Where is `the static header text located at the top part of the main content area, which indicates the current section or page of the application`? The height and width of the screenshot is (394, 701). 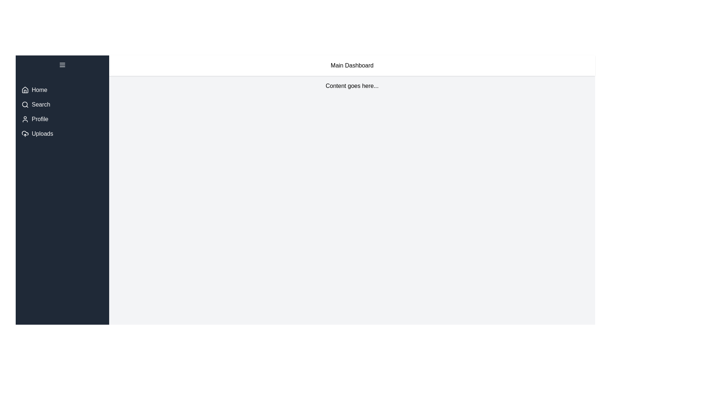 the static header text located at the top part of the main content area, which indicates the current section or page of the application is located at coordinates (352, 66).